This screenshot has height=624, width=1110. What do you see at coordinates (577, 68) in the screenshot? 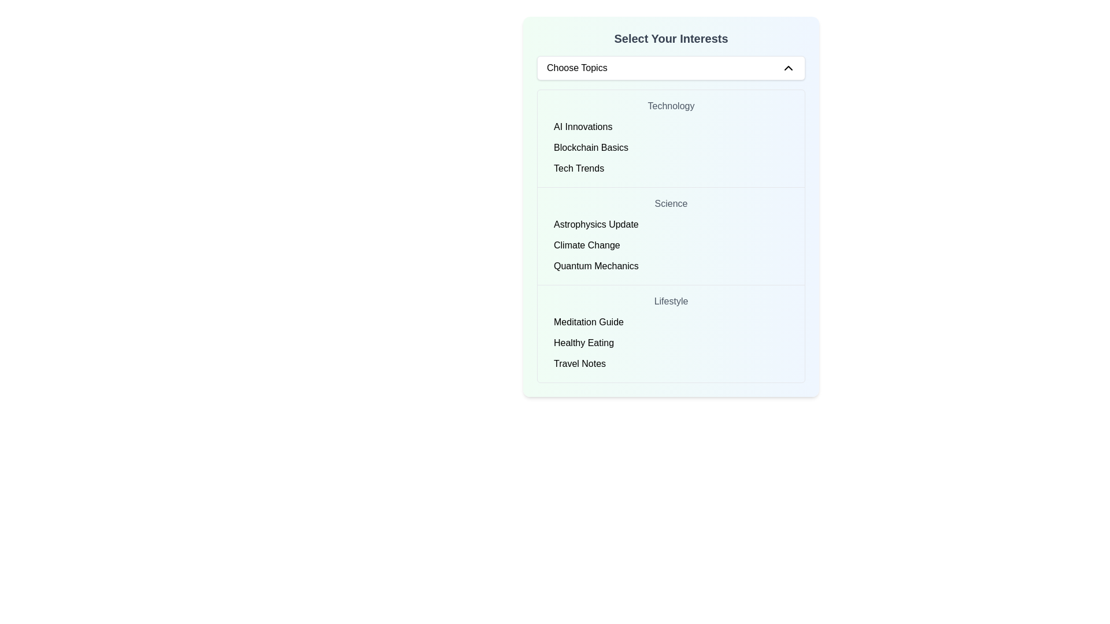
I see `the 'Choose Topics' label text element` at bounding box center [577, 68].